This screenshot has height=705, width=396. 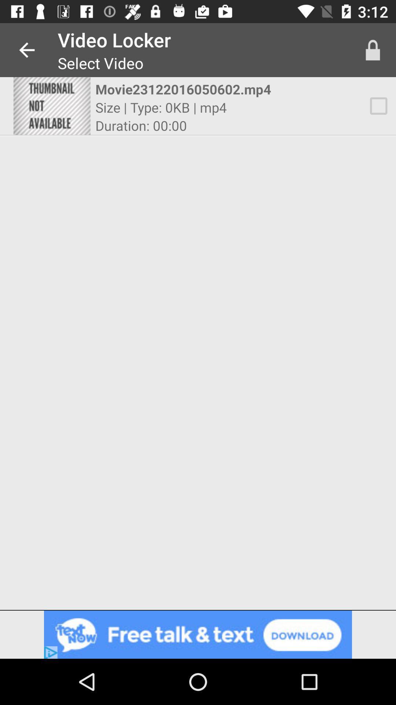 What do you see at coordinates (198, 634) in the screenshot?
I see `open advertisement landing page` at bounding box center [198, 634].